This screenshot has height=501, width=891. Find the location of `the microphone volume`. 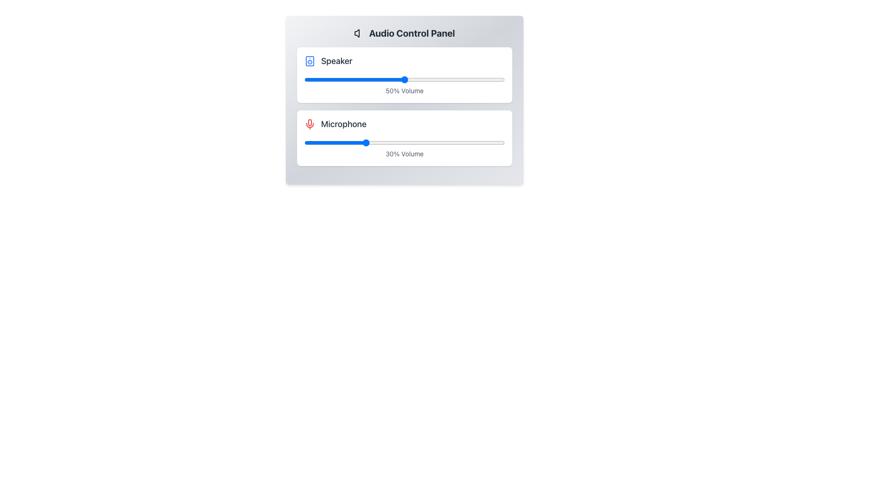

the microphone volume is located at coordinates (502, 143).